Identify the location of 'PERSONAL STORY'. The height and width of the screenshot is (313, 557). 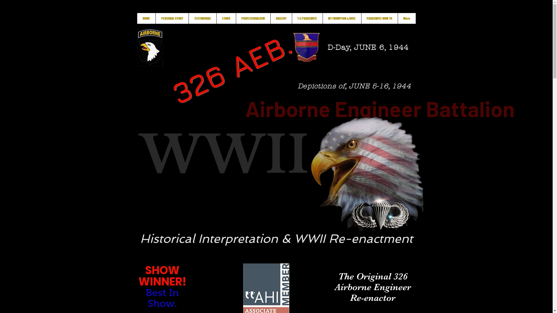
(172, 18).